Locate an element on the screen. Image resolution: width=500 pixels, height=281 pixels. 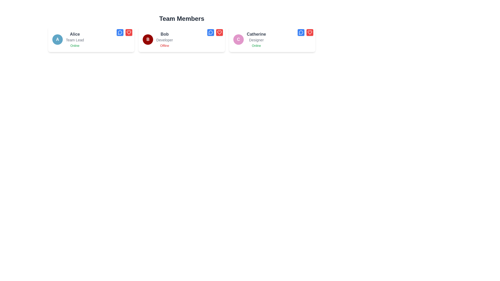
the heart icon button located at the top-right corner of Bob's team member card is located at coordinates (129, 32).